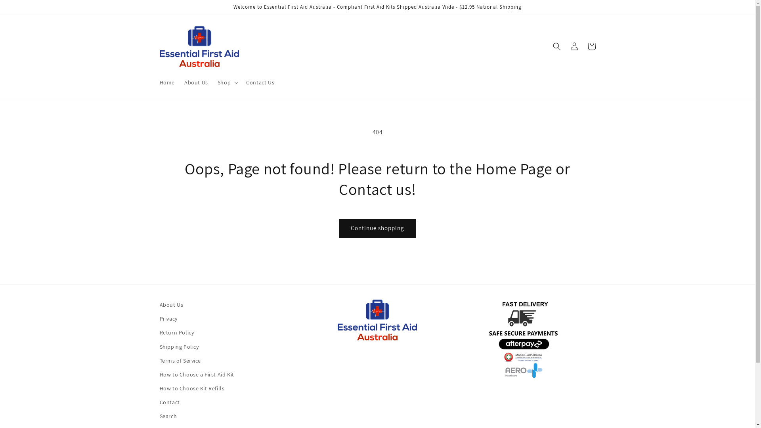 The height and width of the screenshot is (428, 761). I want to click on 'How to Choose Kit Refills', so click(192, 388).